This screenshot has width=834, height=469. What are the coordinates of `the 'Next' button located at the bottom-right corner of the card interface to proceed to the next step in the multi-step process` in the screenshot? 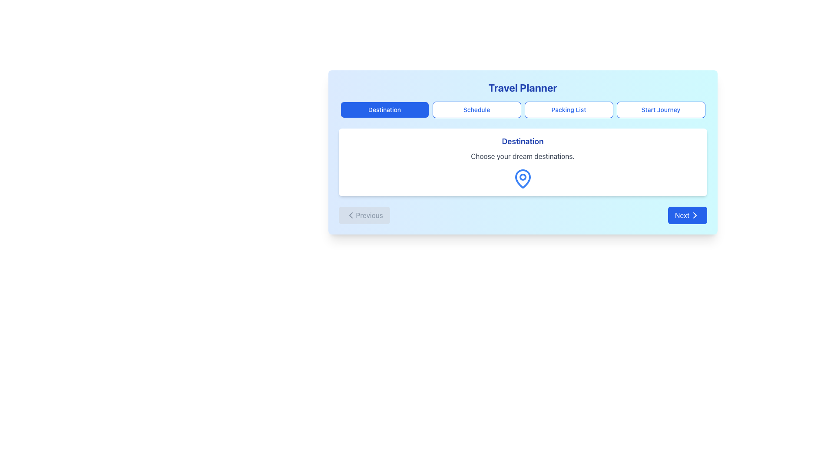 It's located at (687, 215).